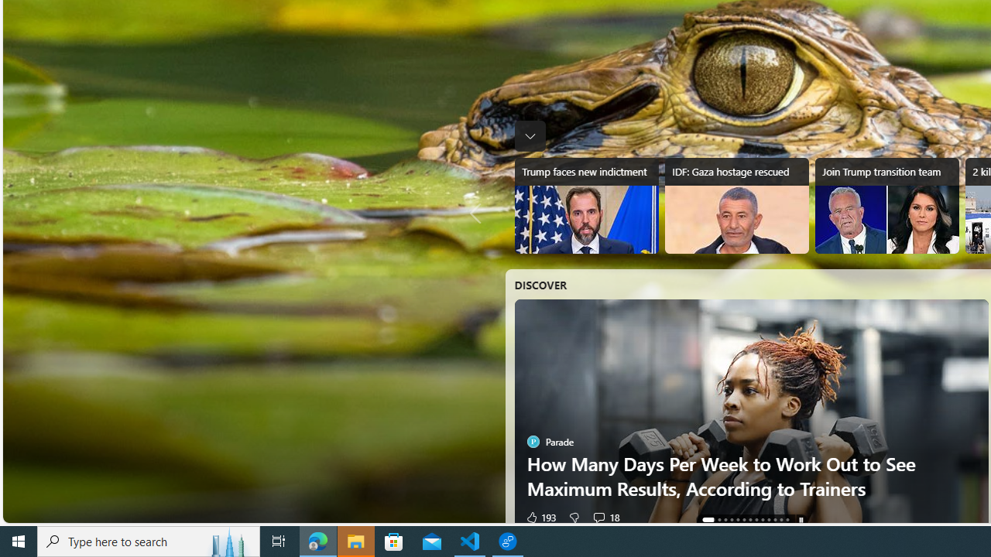  What do you see at coordinates (702, 520) in the screenshot?
I see `'AutomationID: tab-0'` at bounding box center [702, 520].